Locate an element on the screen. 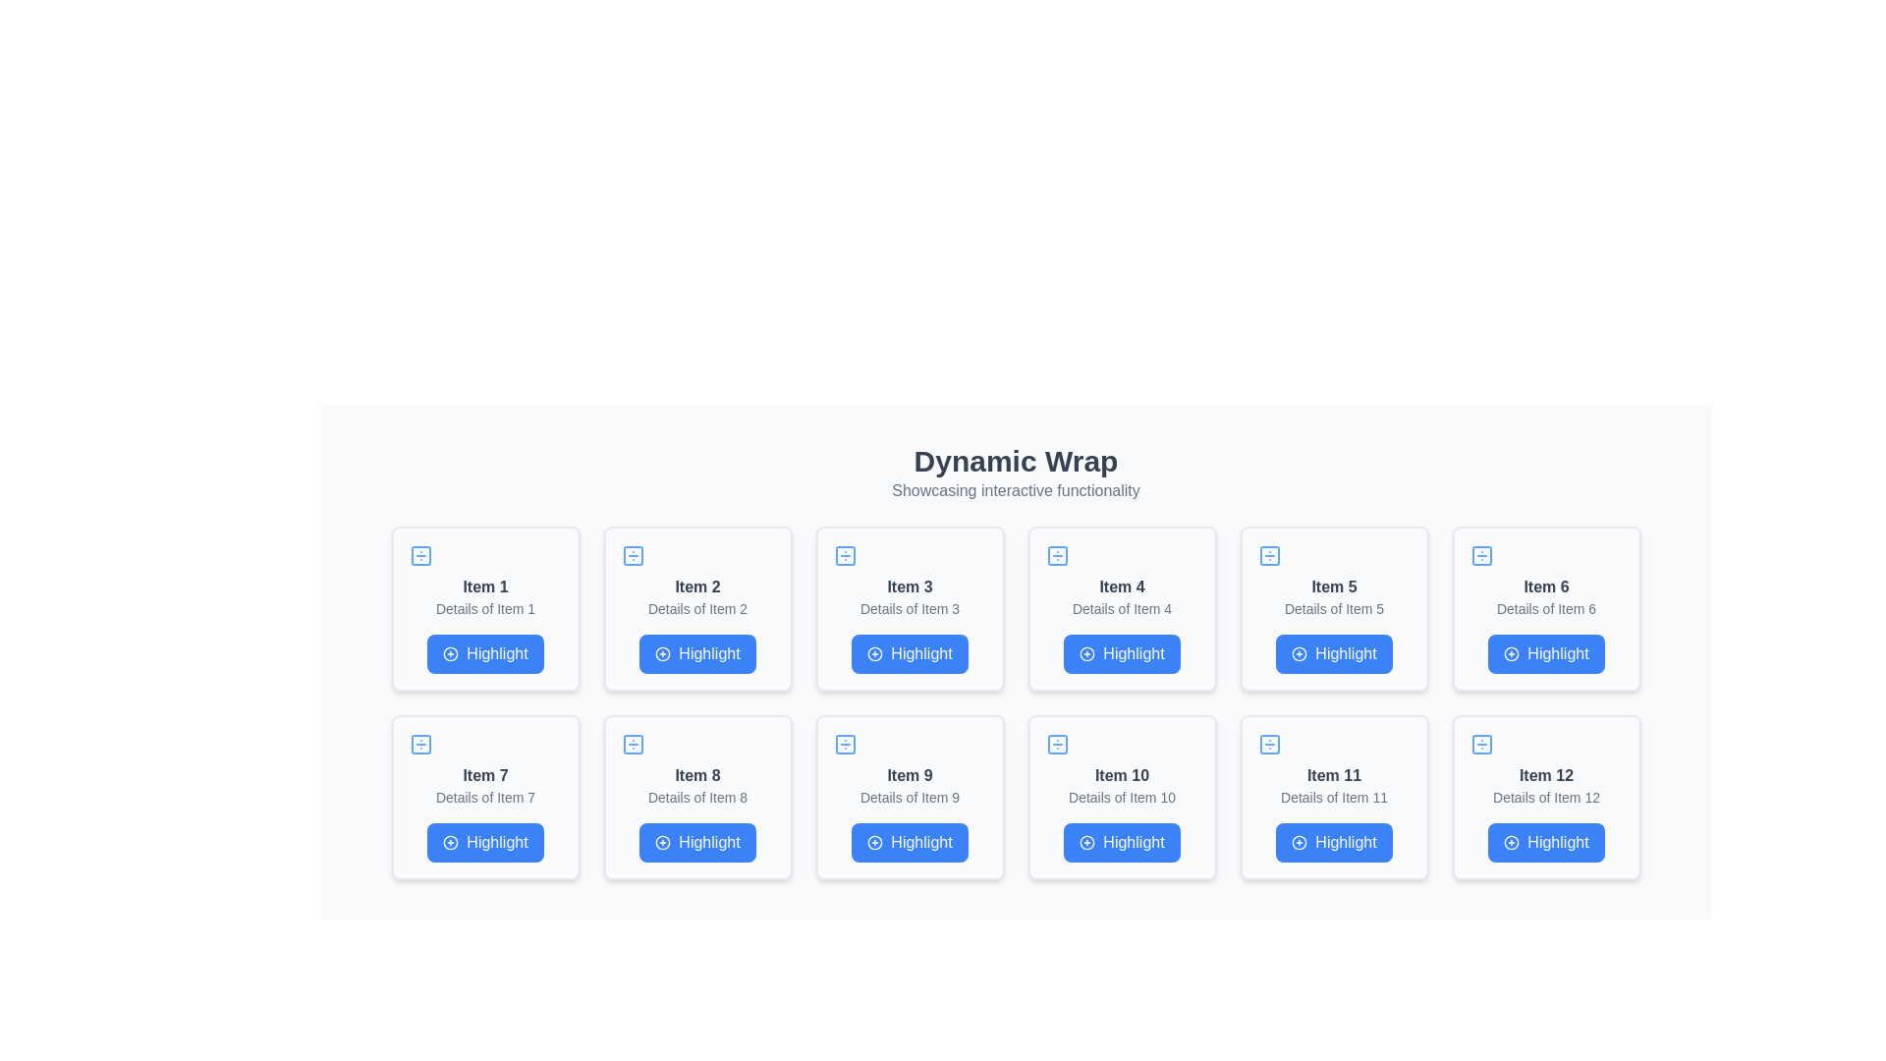 The image size is (1886, 1061). the static text that provides additional information related to 'Item 10', located beneath the title and above the 'Highlight' button in the card labeled 'Item 10' is located at coordinates (1122, 798).